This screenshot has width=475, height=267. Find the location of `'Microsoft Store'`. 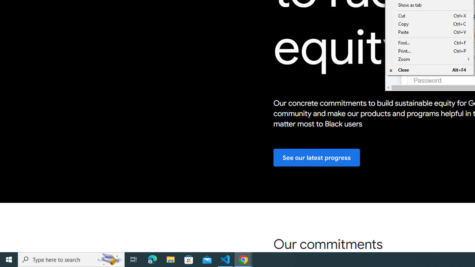

'Microsoft Store' is located at coordinates (189, 259).